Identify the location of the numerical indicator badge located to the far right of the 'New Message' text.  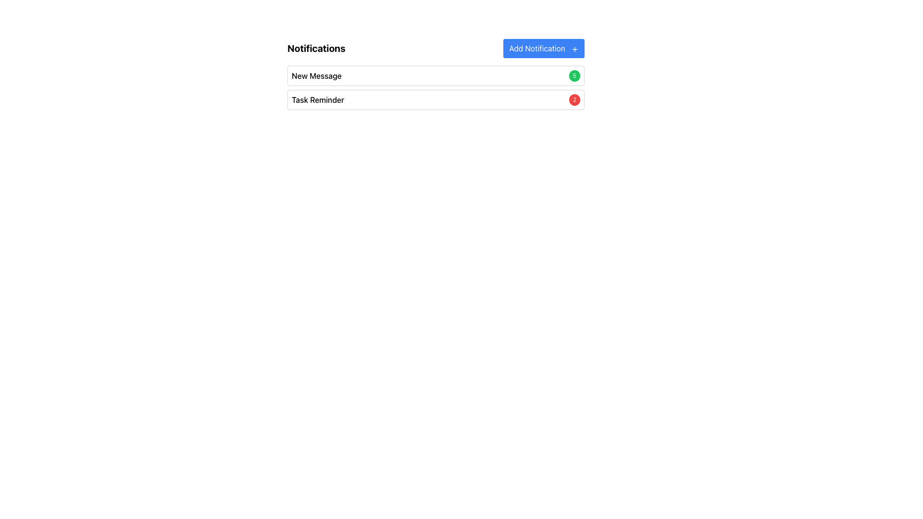
(574, 75).